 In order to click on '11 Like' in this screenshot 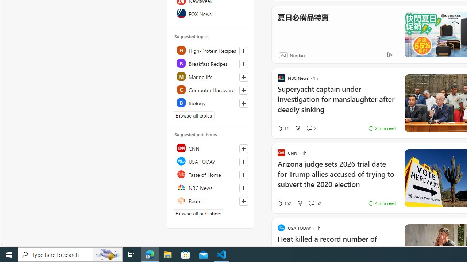, I will do `click(282, 128)`.